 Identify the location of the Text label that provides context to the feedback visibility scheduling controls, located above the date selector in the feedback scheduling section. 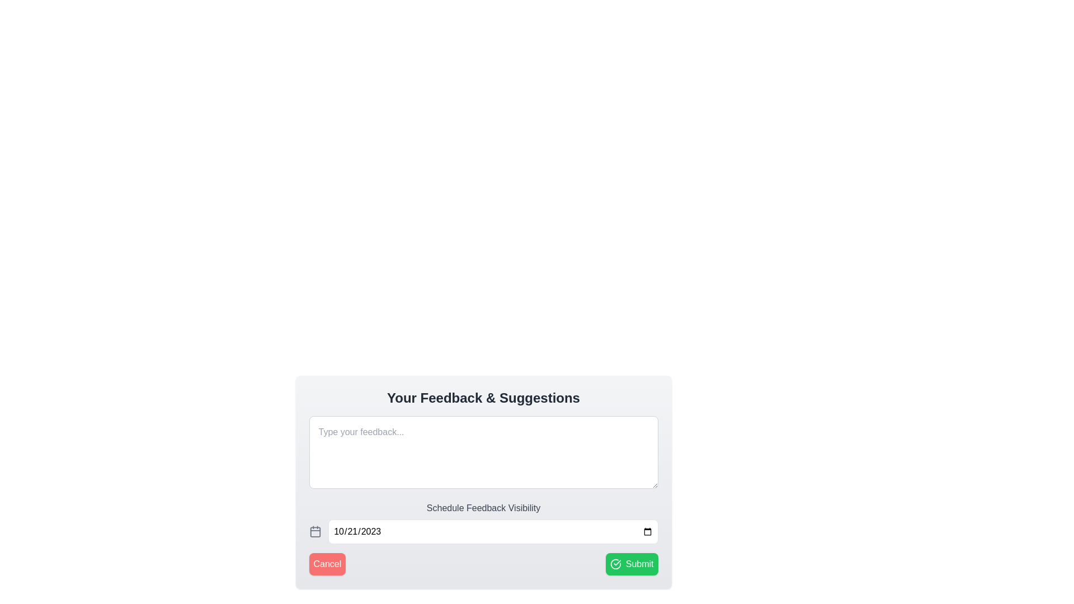
(483, 508).